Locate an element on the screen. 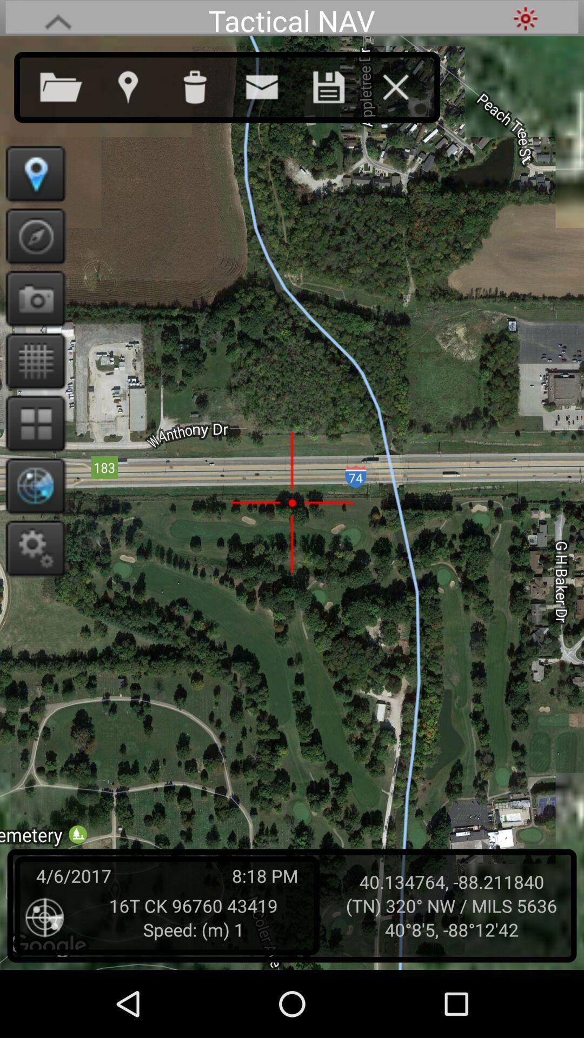 The width and height of the screenshot is (584, 1038). file browser is located at coordinates (72, 84).